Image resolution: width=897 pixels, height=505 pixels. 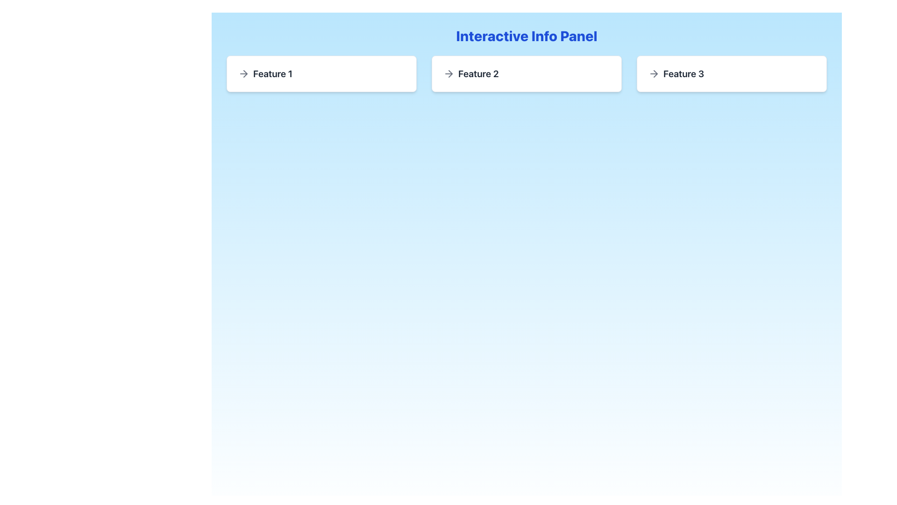 What do you see at coordinates (527, 73) in the screenshot?
I see `the 'Feature 2' button-like card component, which is the second card in a row of three under the 'Interactive Info Panel'` at bounding box center [527, 73].